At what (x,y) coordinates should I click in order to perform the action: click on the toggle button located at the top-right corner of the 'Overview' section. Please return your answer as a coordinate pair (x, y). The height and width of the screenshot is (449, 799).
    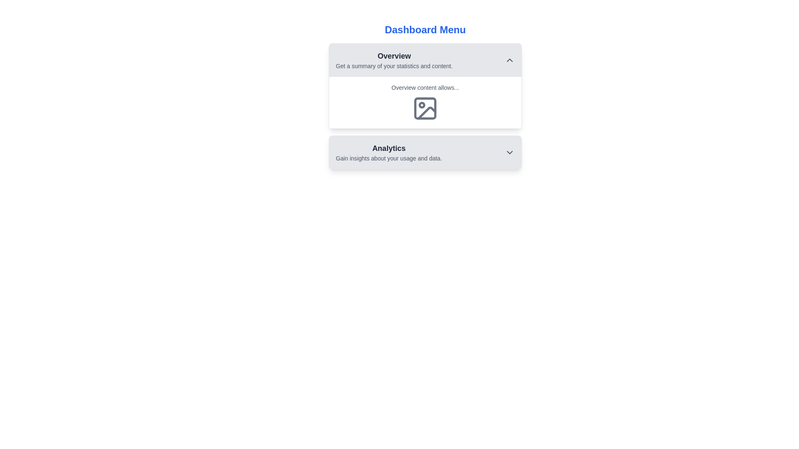
    Looking at the image, I should click on (509, 60).